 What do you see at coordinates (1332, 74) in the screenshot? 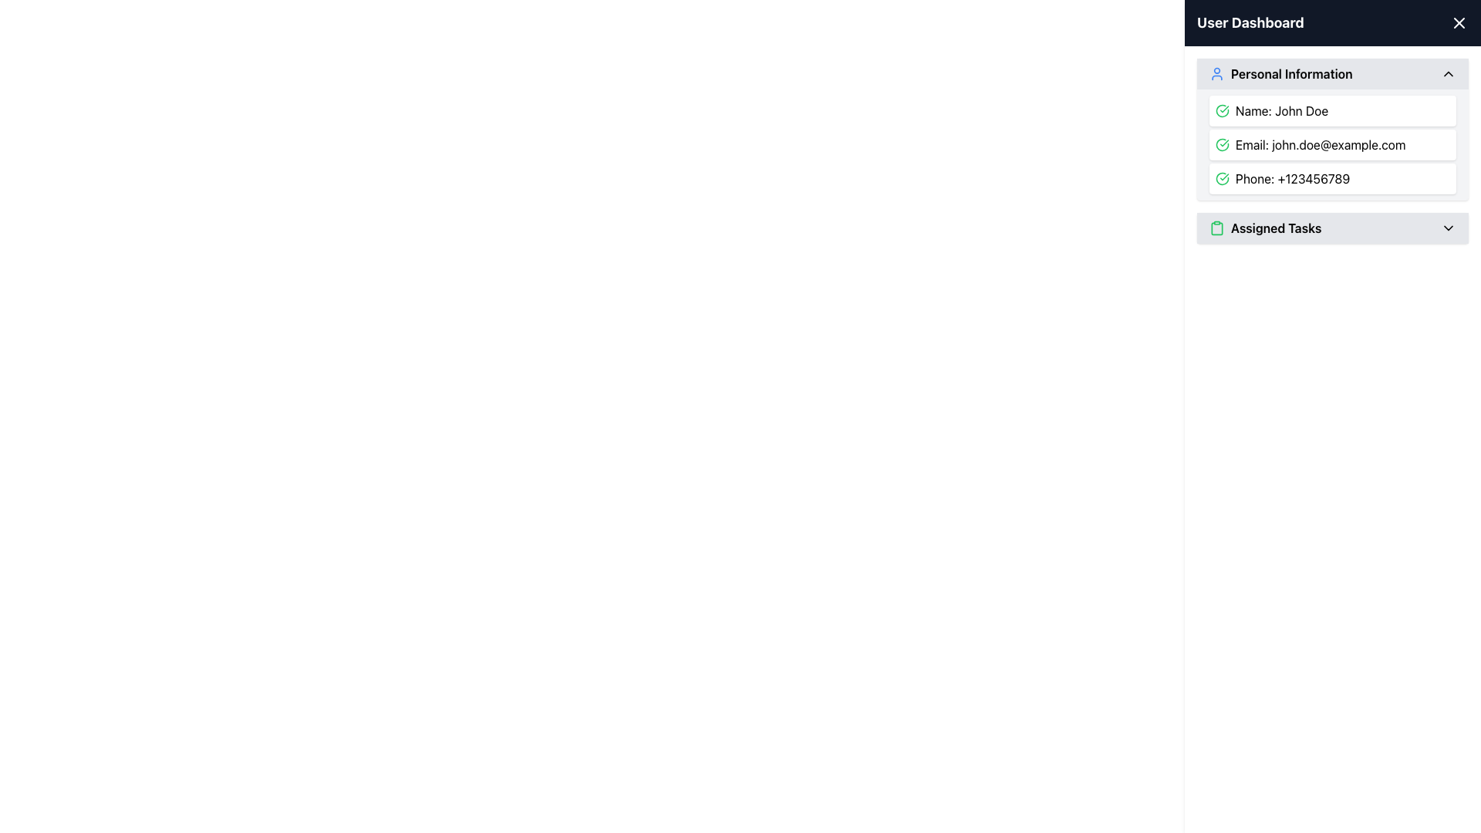
I see `the Collapsible Section Header at the top of the user dashboard` at bounding box center [1332, 74].